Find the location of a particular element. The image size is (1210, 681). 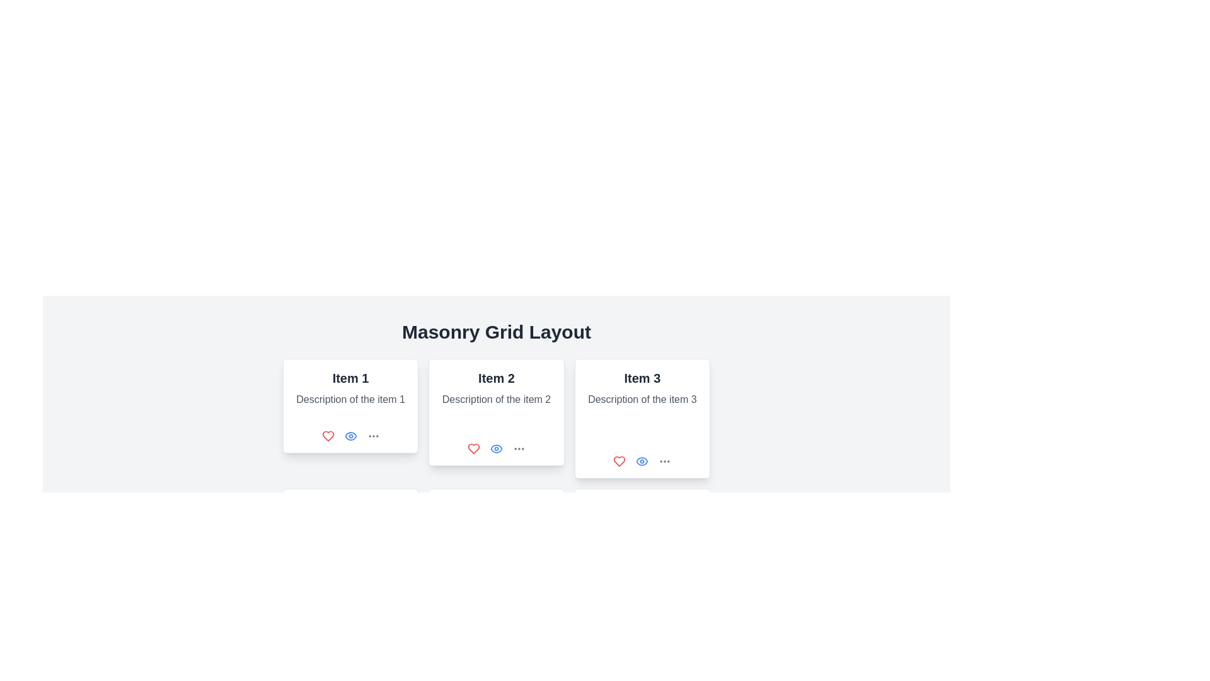

the third icon from the left in the interactive icons set at the bottom of 'Item 3' card to change its color is located at coordinates (664, 462).